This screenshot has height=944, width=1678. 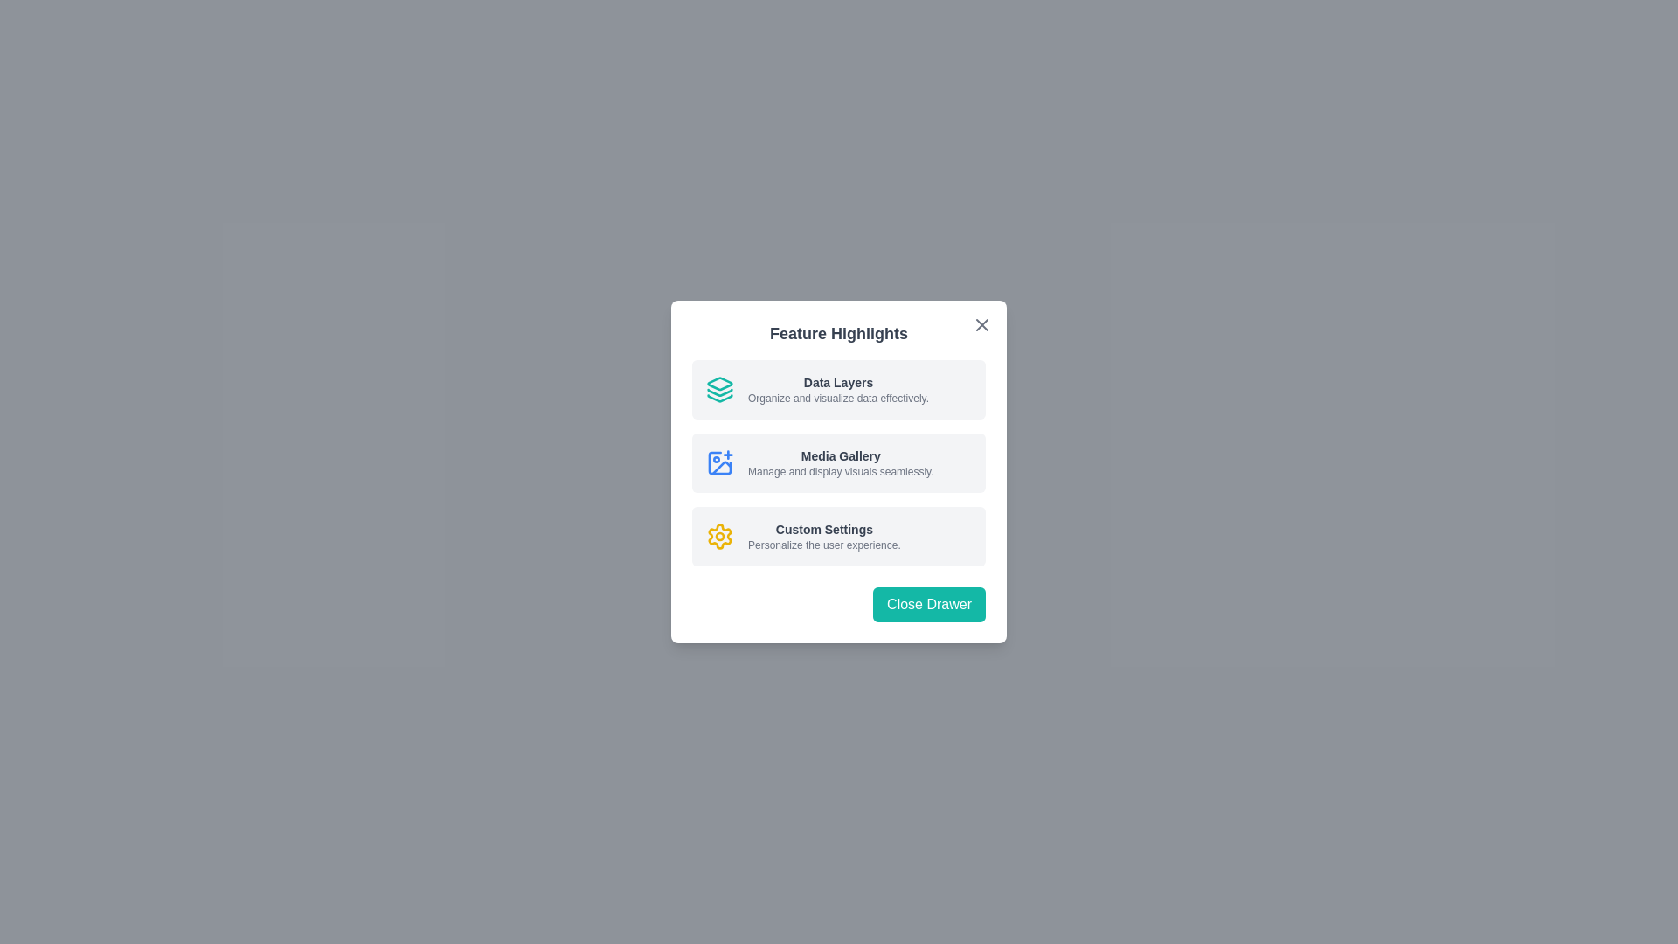 I want to click on the Text description element that provides features or settings related to customizing user experience, located within the 'Feature Highlights' card, positioned below 'Media Gallery' and above 'Close Drawer', so click(x=823, y=535).